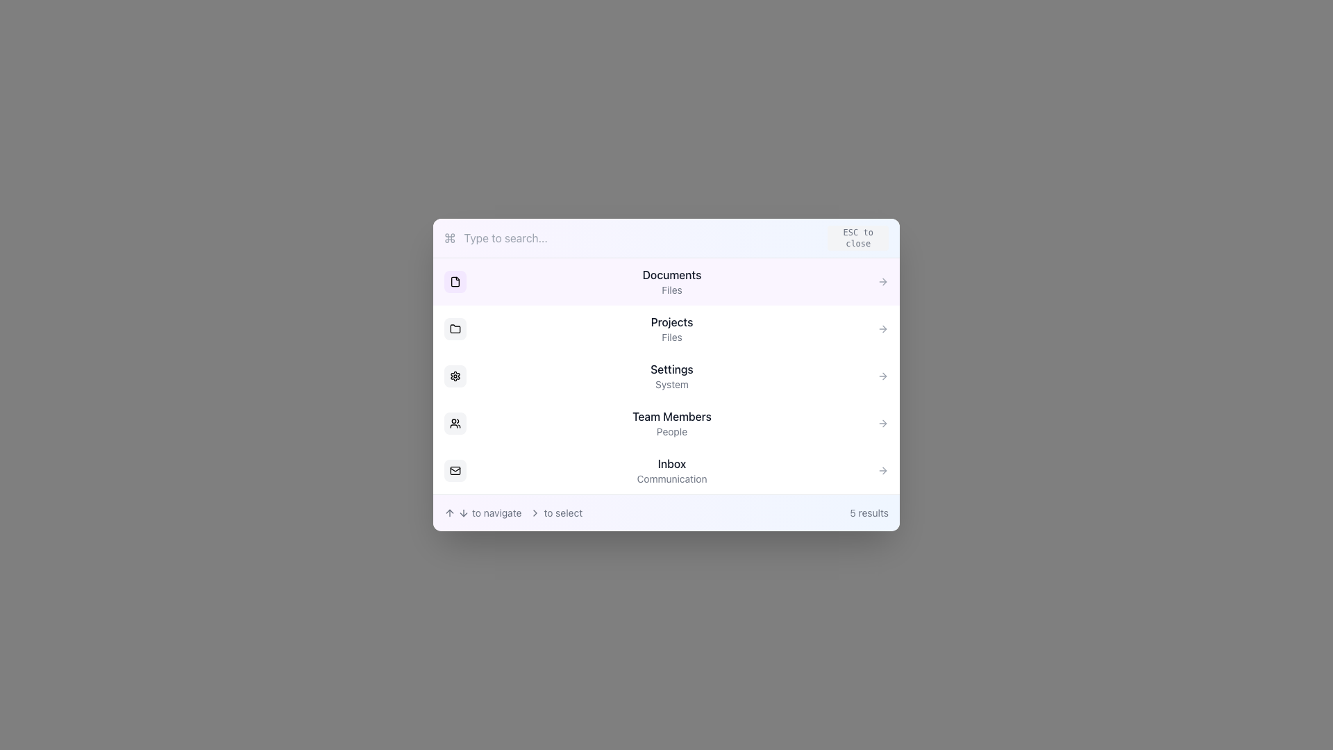  What do you see at coordinates (455, 470) in the screenshot?
I see `the envelope icon located in the fifth row on the leftmost side, adjacent to the 'Inbox' label` at bounding box center [455, 470].